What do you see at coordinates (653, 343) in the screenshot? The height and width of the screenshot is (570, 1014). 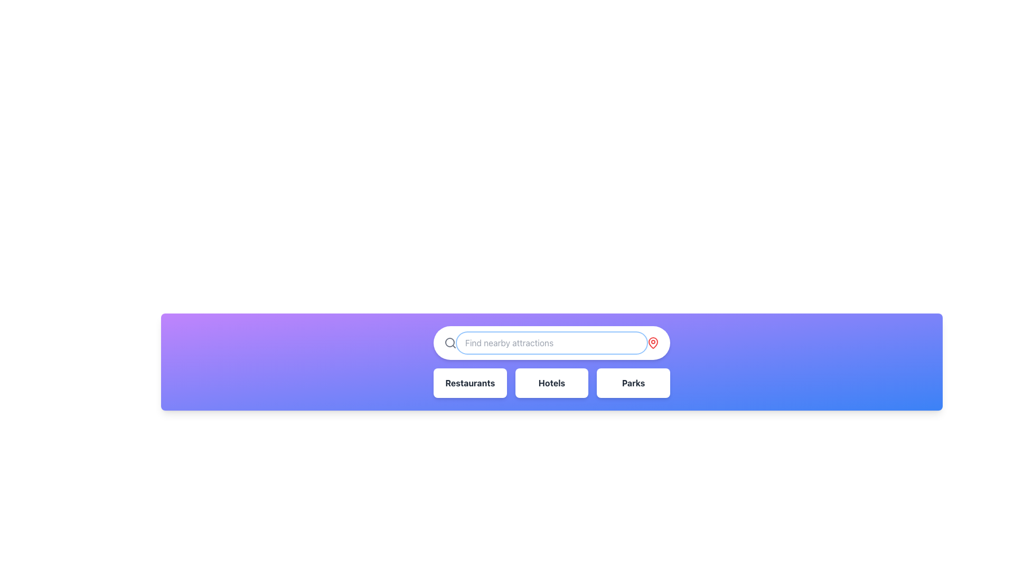 I see `the red map pin icon located at the far-right end of the search bar` at bounding box center [653, 343].